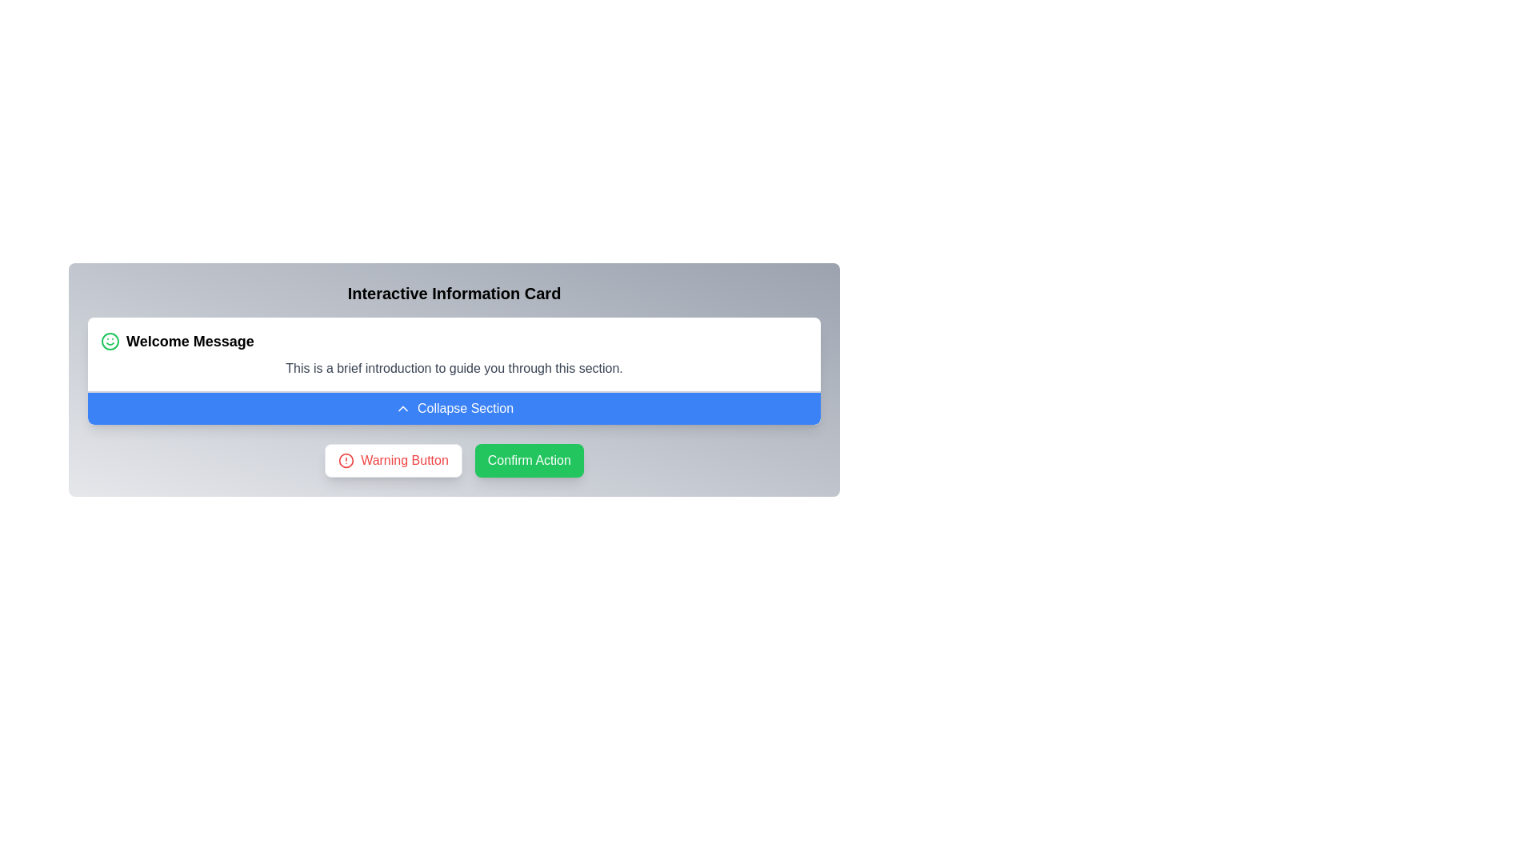 This screenshot has height=864, width=1536. I want to click on the 'Warning Button' which has a white background, red text, a red border, rounded corners, and a warning icon next to the text, so click(393, 460).